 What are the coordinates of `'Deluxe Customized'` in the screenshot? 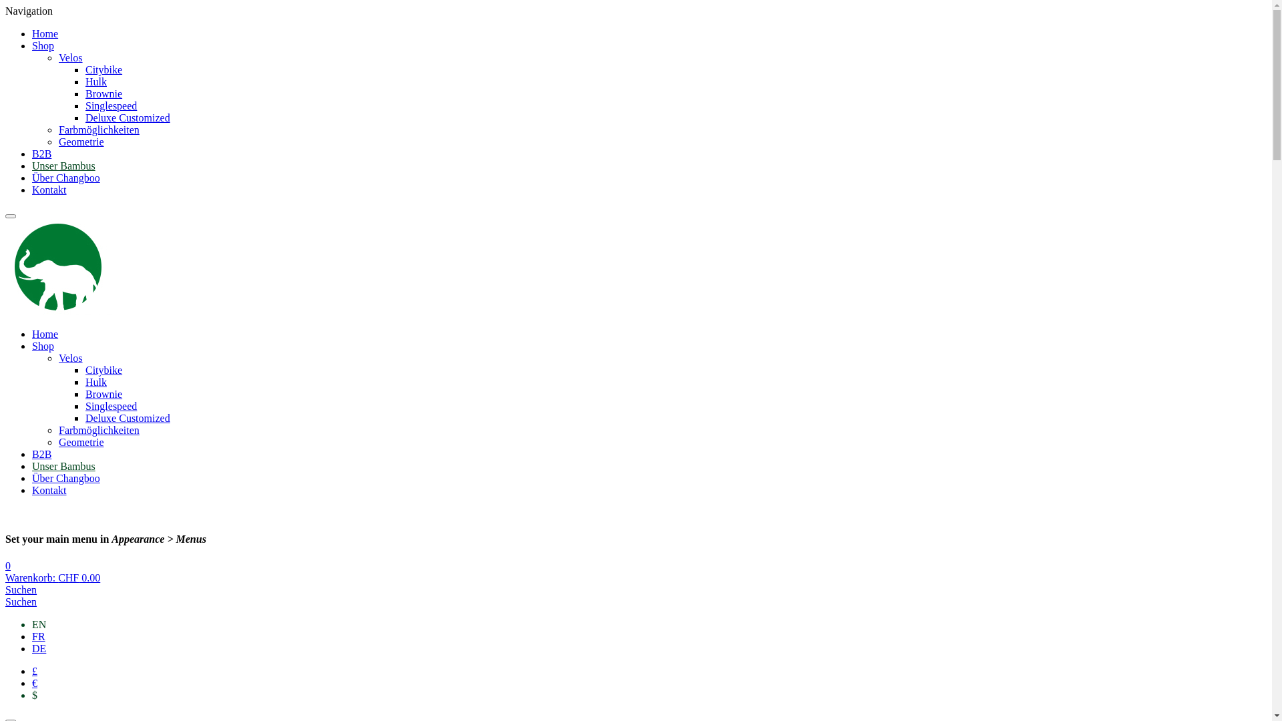 It's located at (85, 417).